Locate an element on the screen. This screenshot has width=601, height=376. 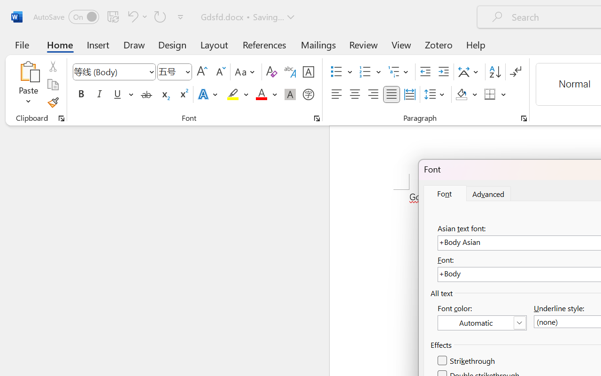
'Show/Hide Editing Marks' is located at coordinates (515, 72).